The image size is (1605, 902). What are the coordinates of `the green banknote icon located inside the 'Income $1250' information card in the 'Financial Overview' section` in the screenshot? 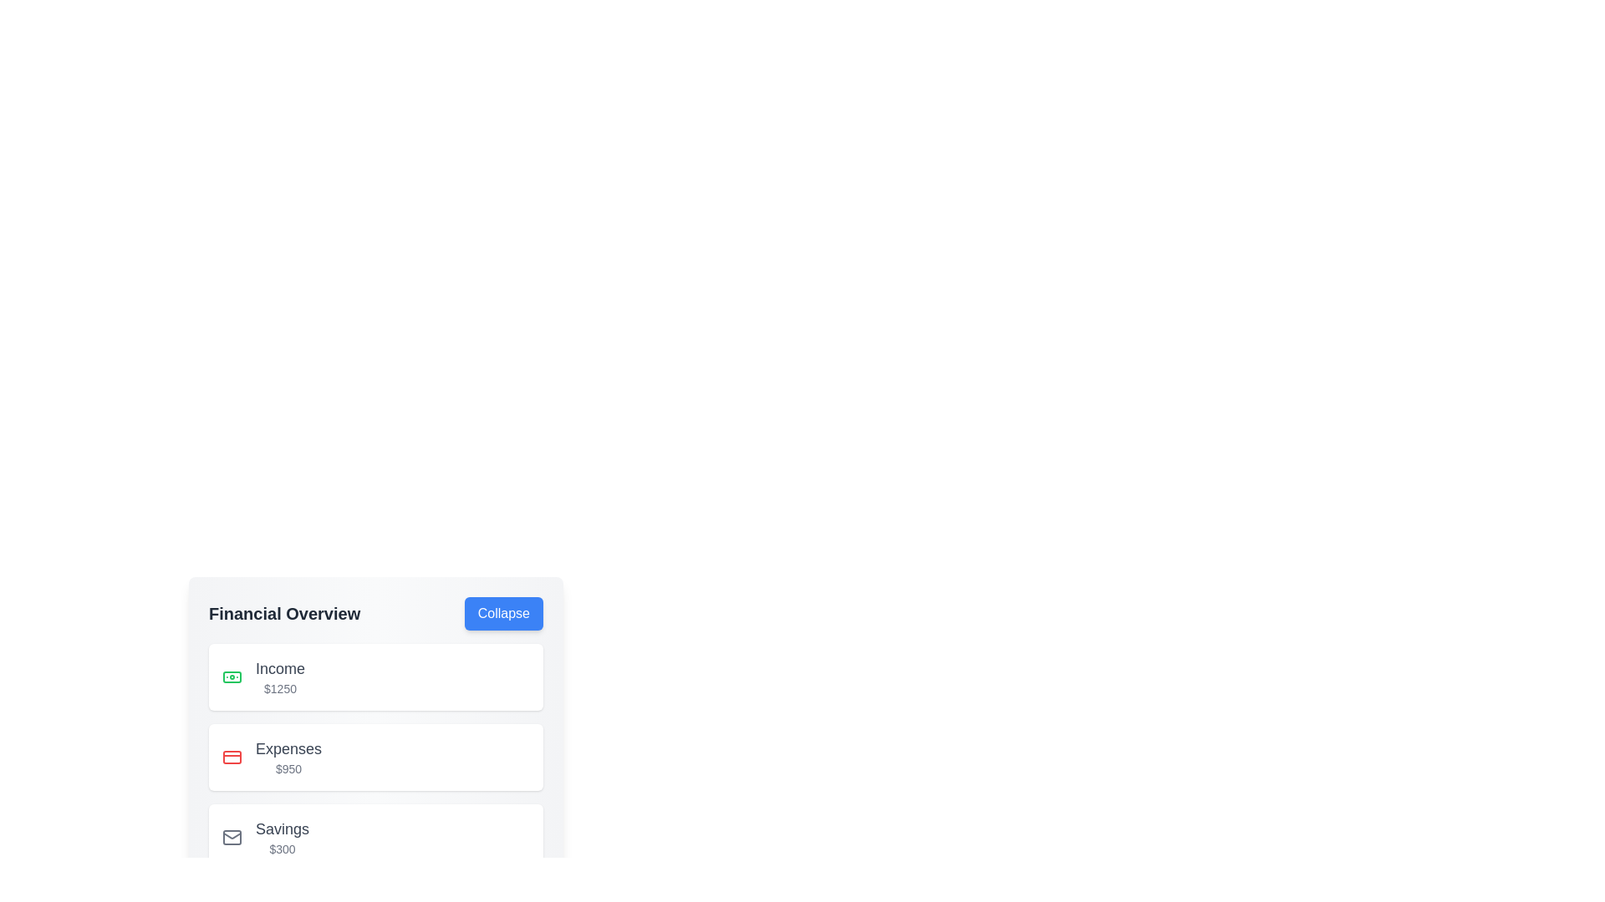 It's located at (232, 676).